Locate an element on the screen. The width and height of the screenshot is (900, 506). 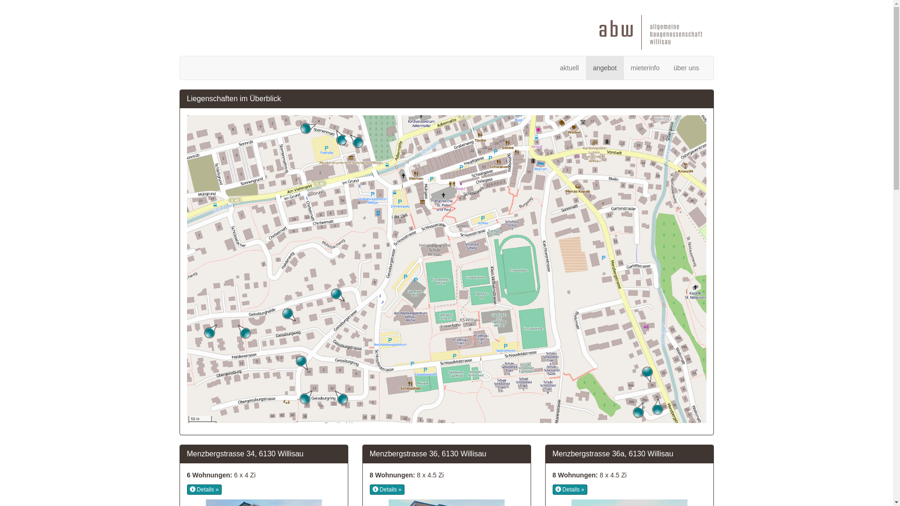
'angebot' is located at coordinates (605, 67).